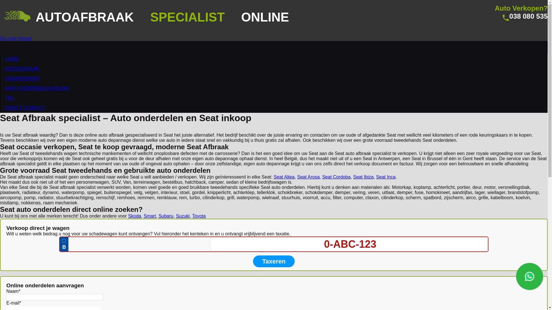 The width and height of the screenshot is (552, 310). What do you see at coordinates (24, 108) in the screenshot?
I see `'DIRECT CONTACT'` at bounding box center [24, 108].